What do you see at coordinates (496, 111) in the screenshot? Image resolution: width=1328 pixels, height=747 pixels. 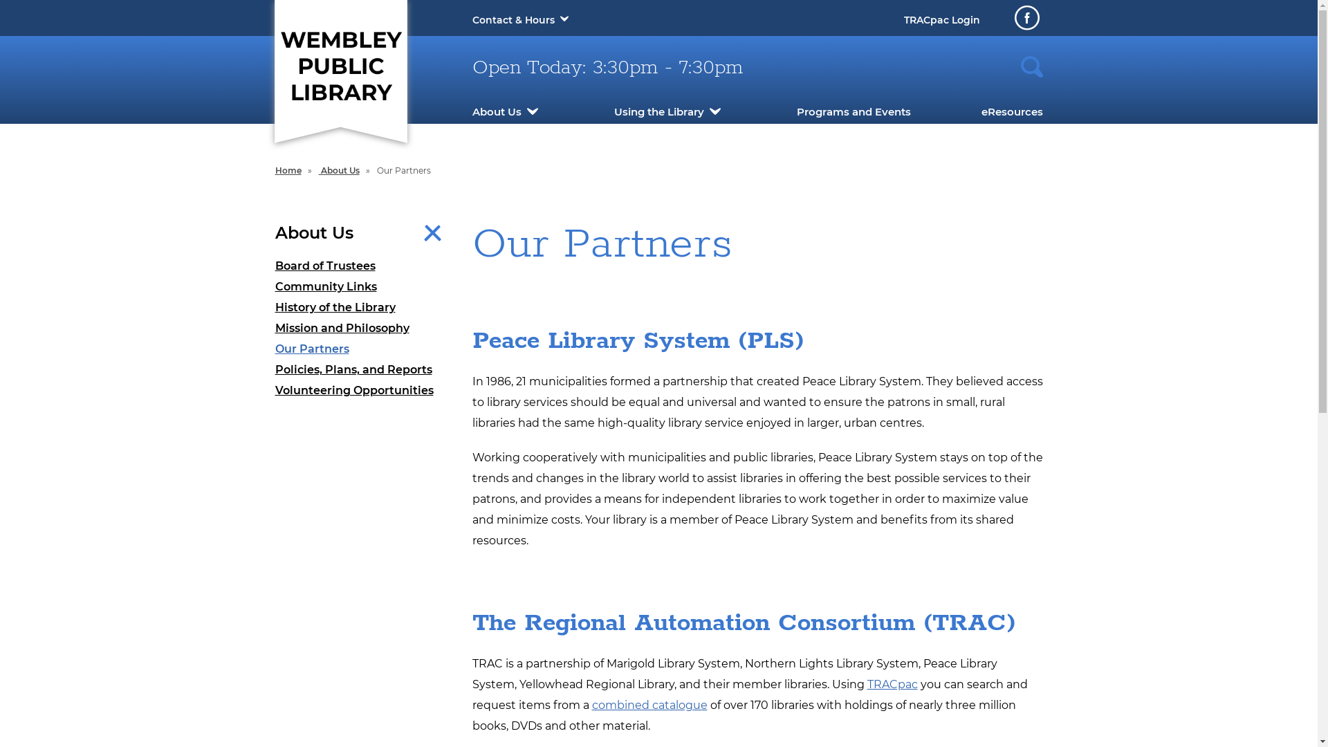 I see `'About Us'` at bounding box center [496, 111].